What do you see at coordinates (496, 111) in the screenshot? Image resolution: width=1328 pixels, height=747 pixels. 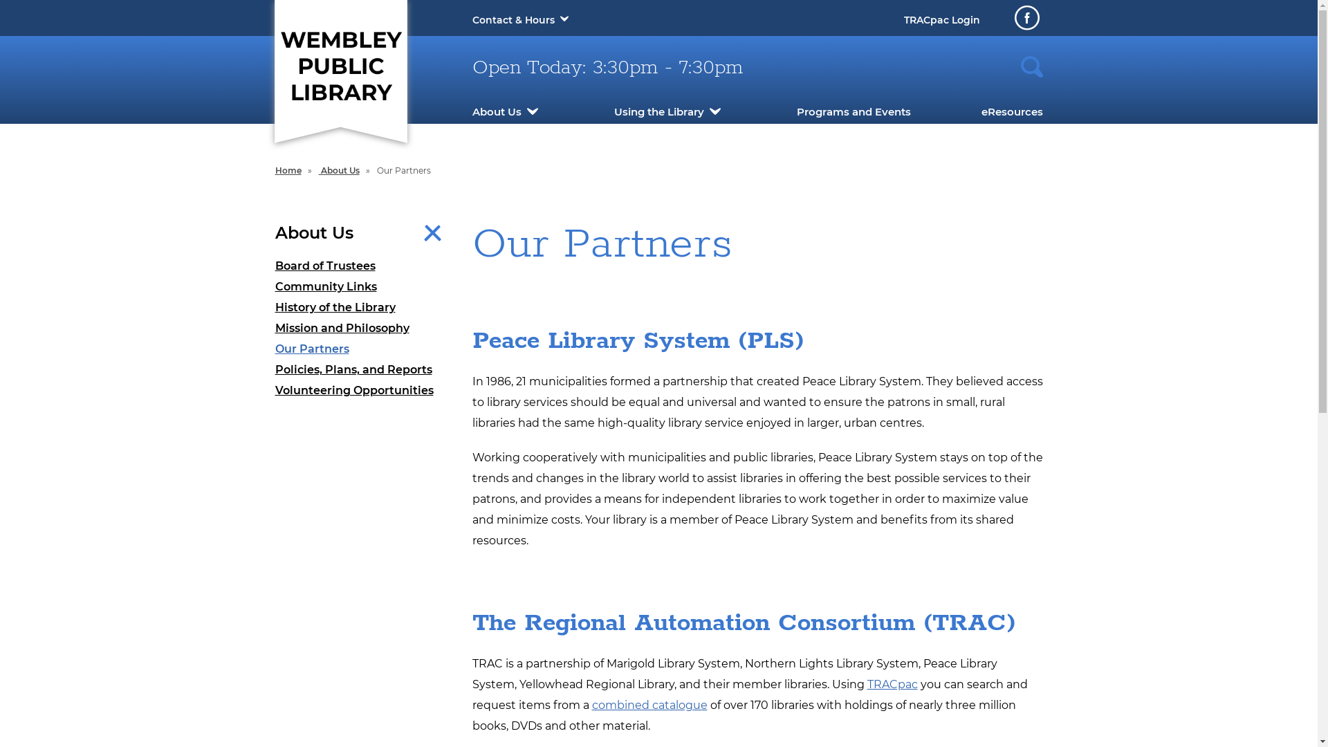 I see `'About Us'` at bounding box center [496, 111].